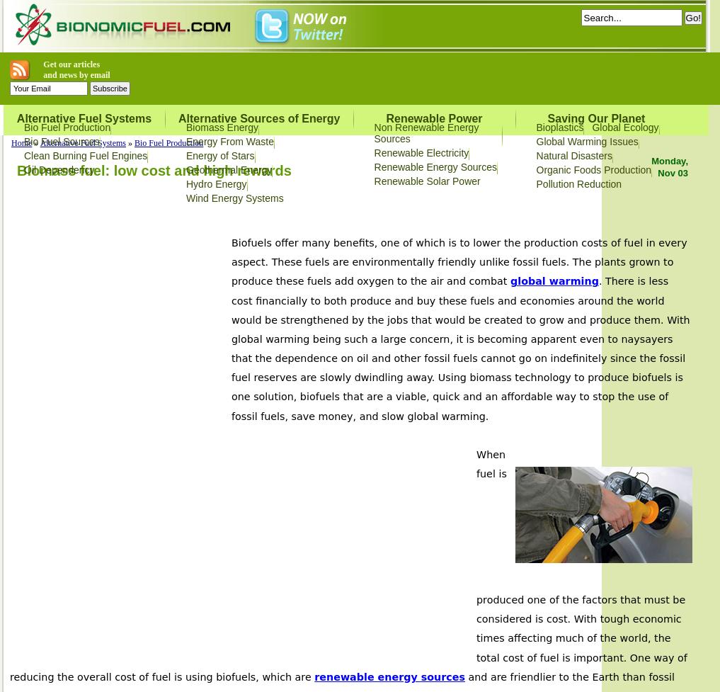  What do you see at coordinates (509, 280) in the screenshot?
I see `'global warming'` at bounding box center [509, 280].